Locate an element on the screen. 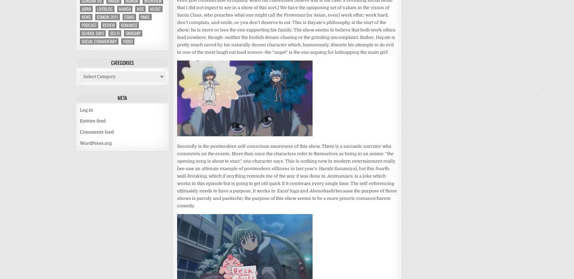 Image resolution: width=574 pixels, height=279 pixels. 'panel' is located at coordinates (145, 17).